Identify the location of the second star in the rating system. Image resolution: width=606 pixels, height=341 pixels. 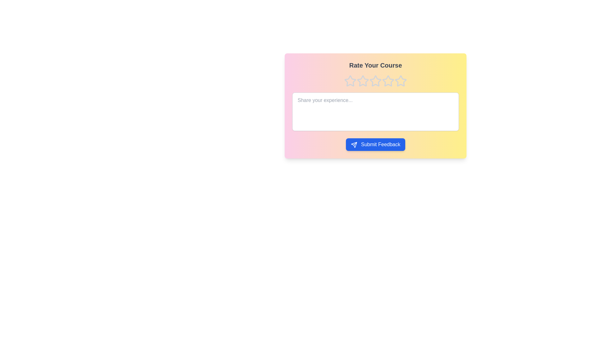
(363, 81).